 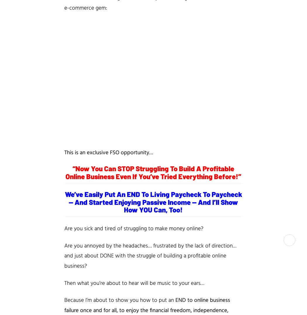 What do you see at coordinates (153, 172) in the screenshot?
I see `'“Now You Can STOP Struggling To Build A Profitable Online Business Even If You’ve Tried Everything Before!”'` at bounding box center [153, 172].